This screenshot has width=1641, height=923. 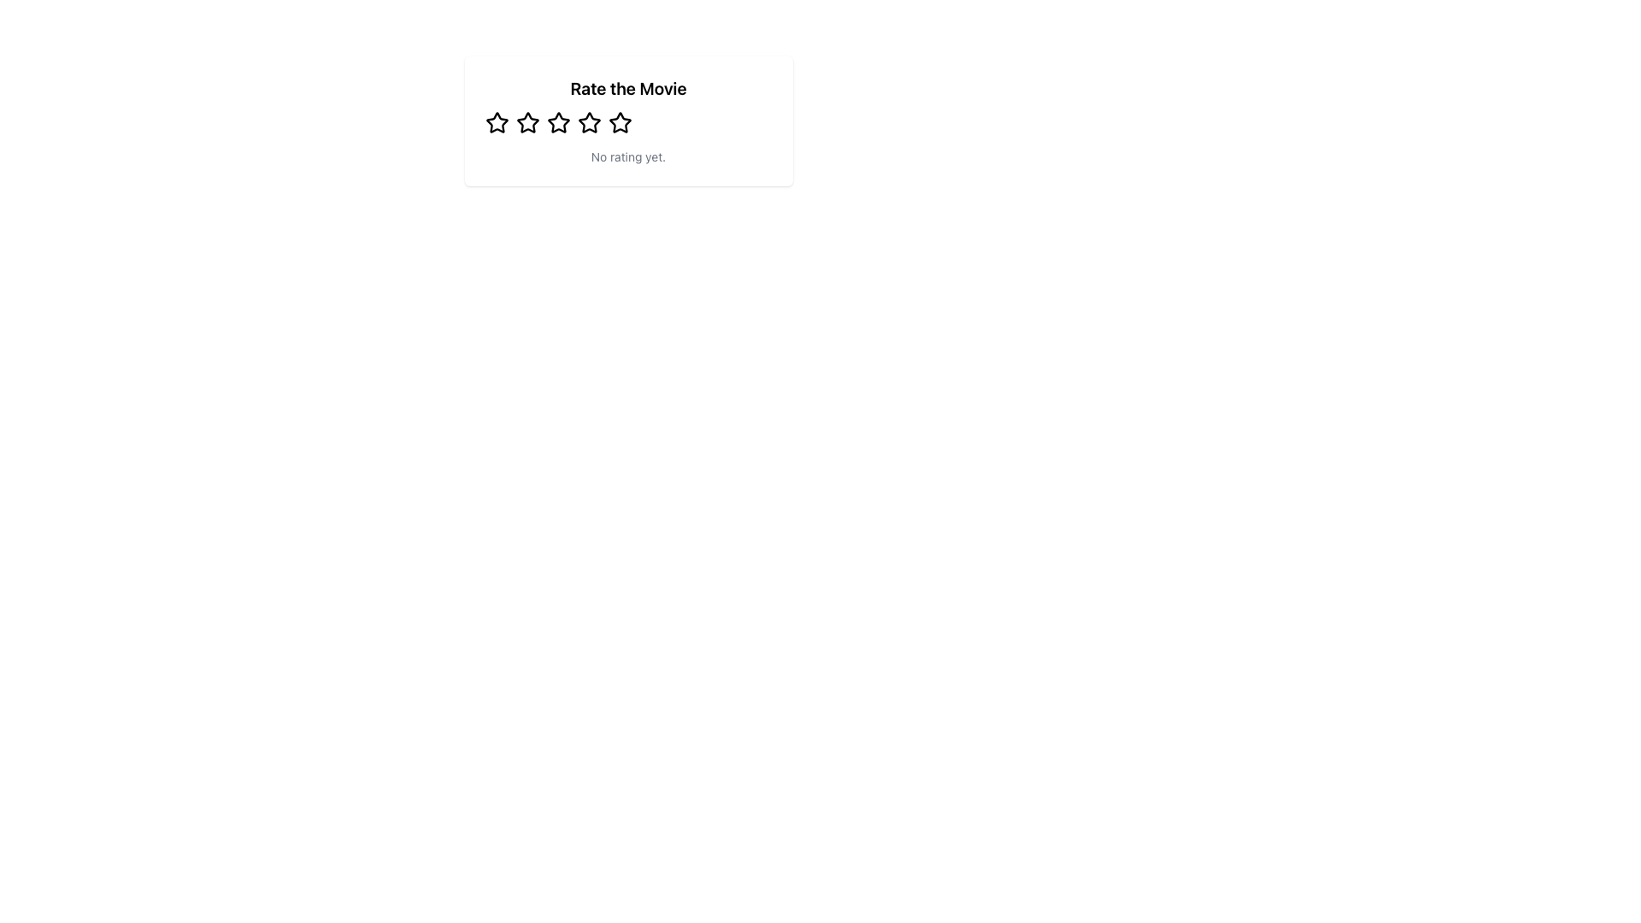 What do you see at coordinates (627, 121) in the screenshot?
I see `the Rating module that has a heading 'Rate the Movie', five outlined star icons for rating, and a message 'No rating yet.' below the stars` at bounding box center [627, 121].